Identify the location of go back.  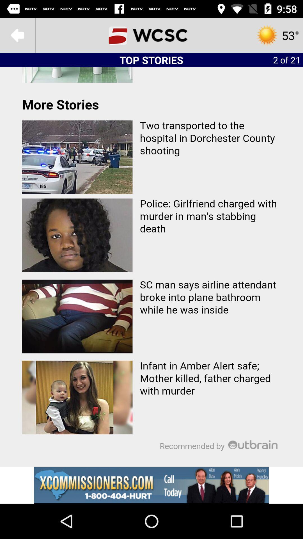
(17, 35).